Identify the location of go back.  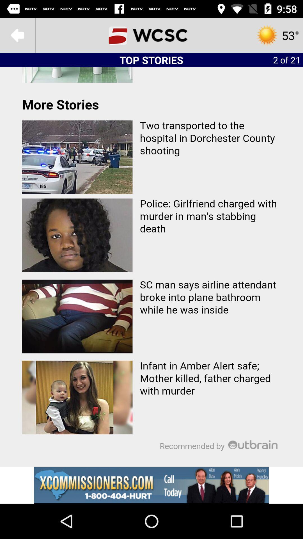
(17, 35).